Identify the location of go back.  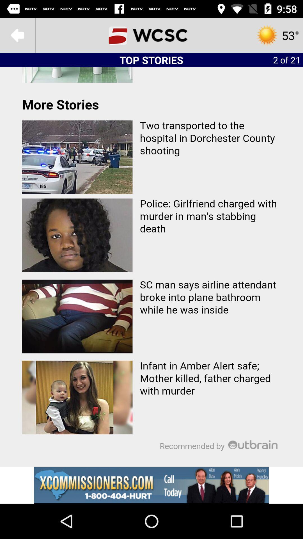
(17, 35).